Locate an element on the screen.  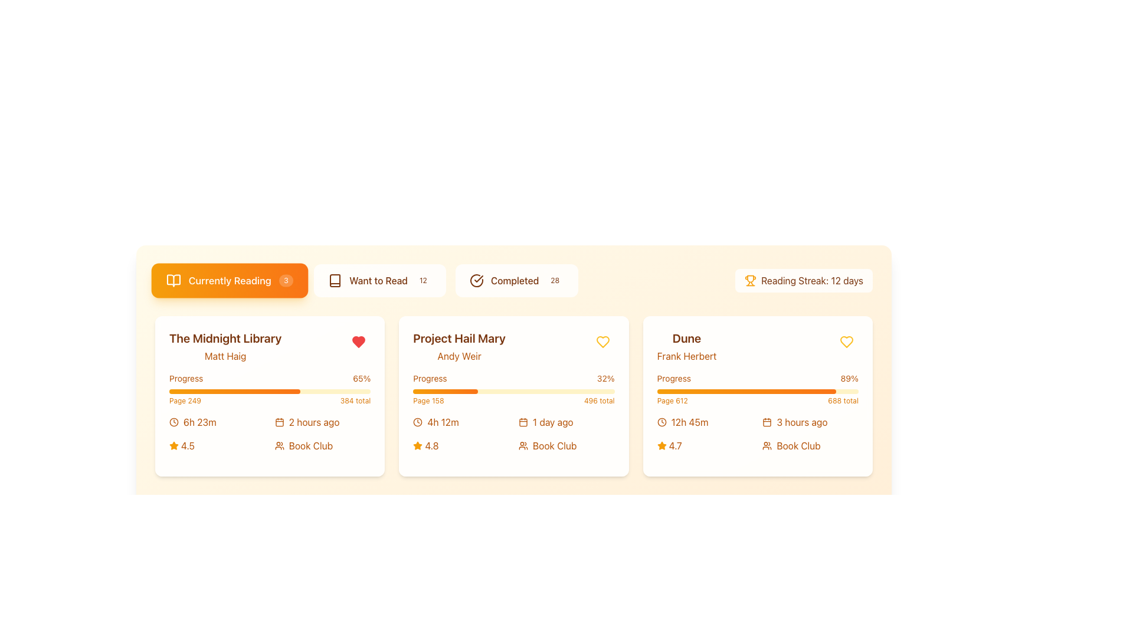
the text label displaying '6h 23m' in brown color, located in 'The Midnight Library' card near the bottom-left section, to the right of a clock icon is located at coordinates (199, 422).